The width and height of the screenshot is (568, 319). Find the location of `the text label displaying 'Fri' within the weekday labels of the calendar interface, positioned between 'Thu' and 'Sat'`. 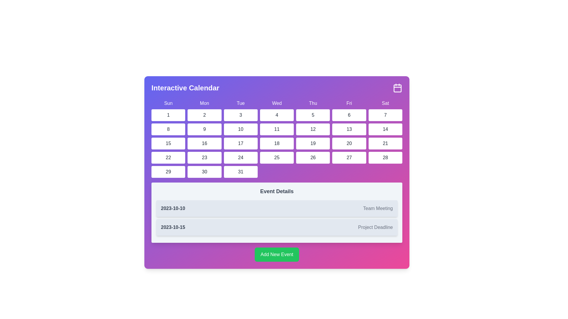

the text label displaying 'Fri' within the weekday labels of the calendar interface, positioned between 'Thu' and 'Sat' is located at coordinates (349, 103).